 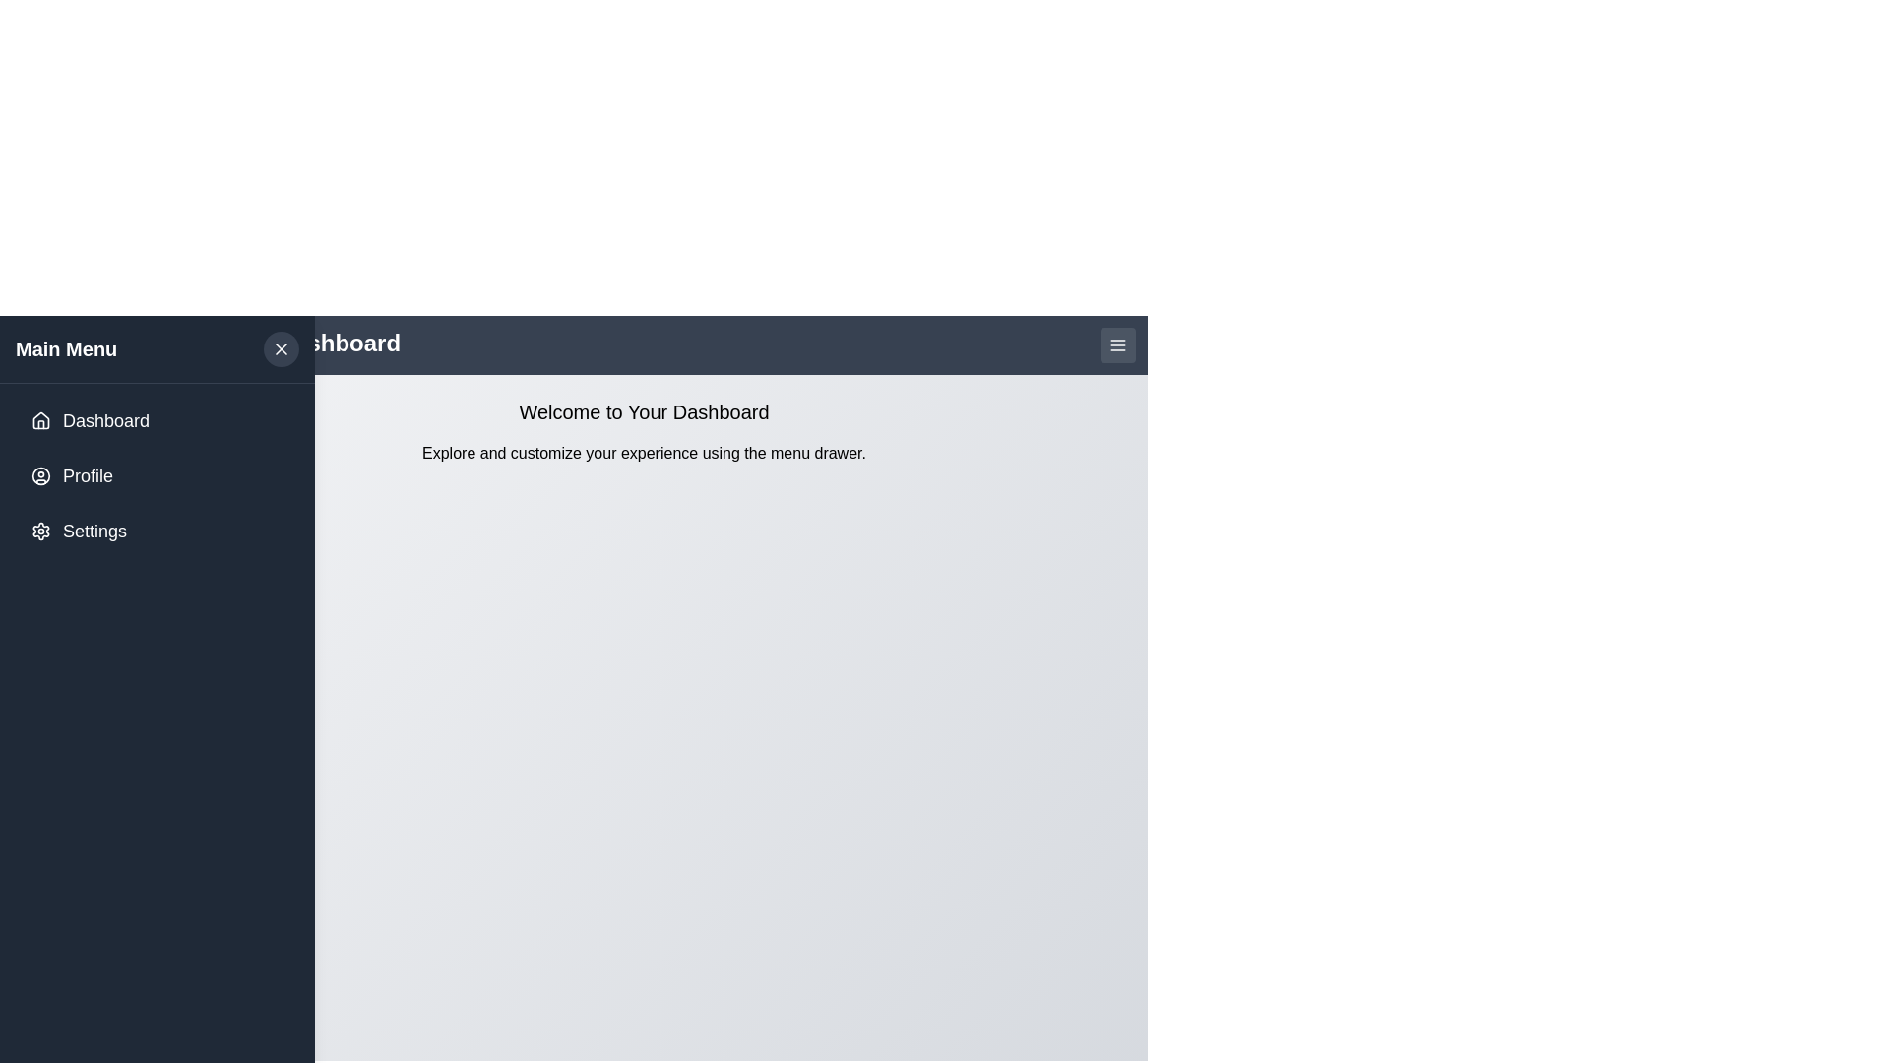 I want to click on the second button in the vertical list of menu options under 'Main Menu', so click(x=156, y=475).